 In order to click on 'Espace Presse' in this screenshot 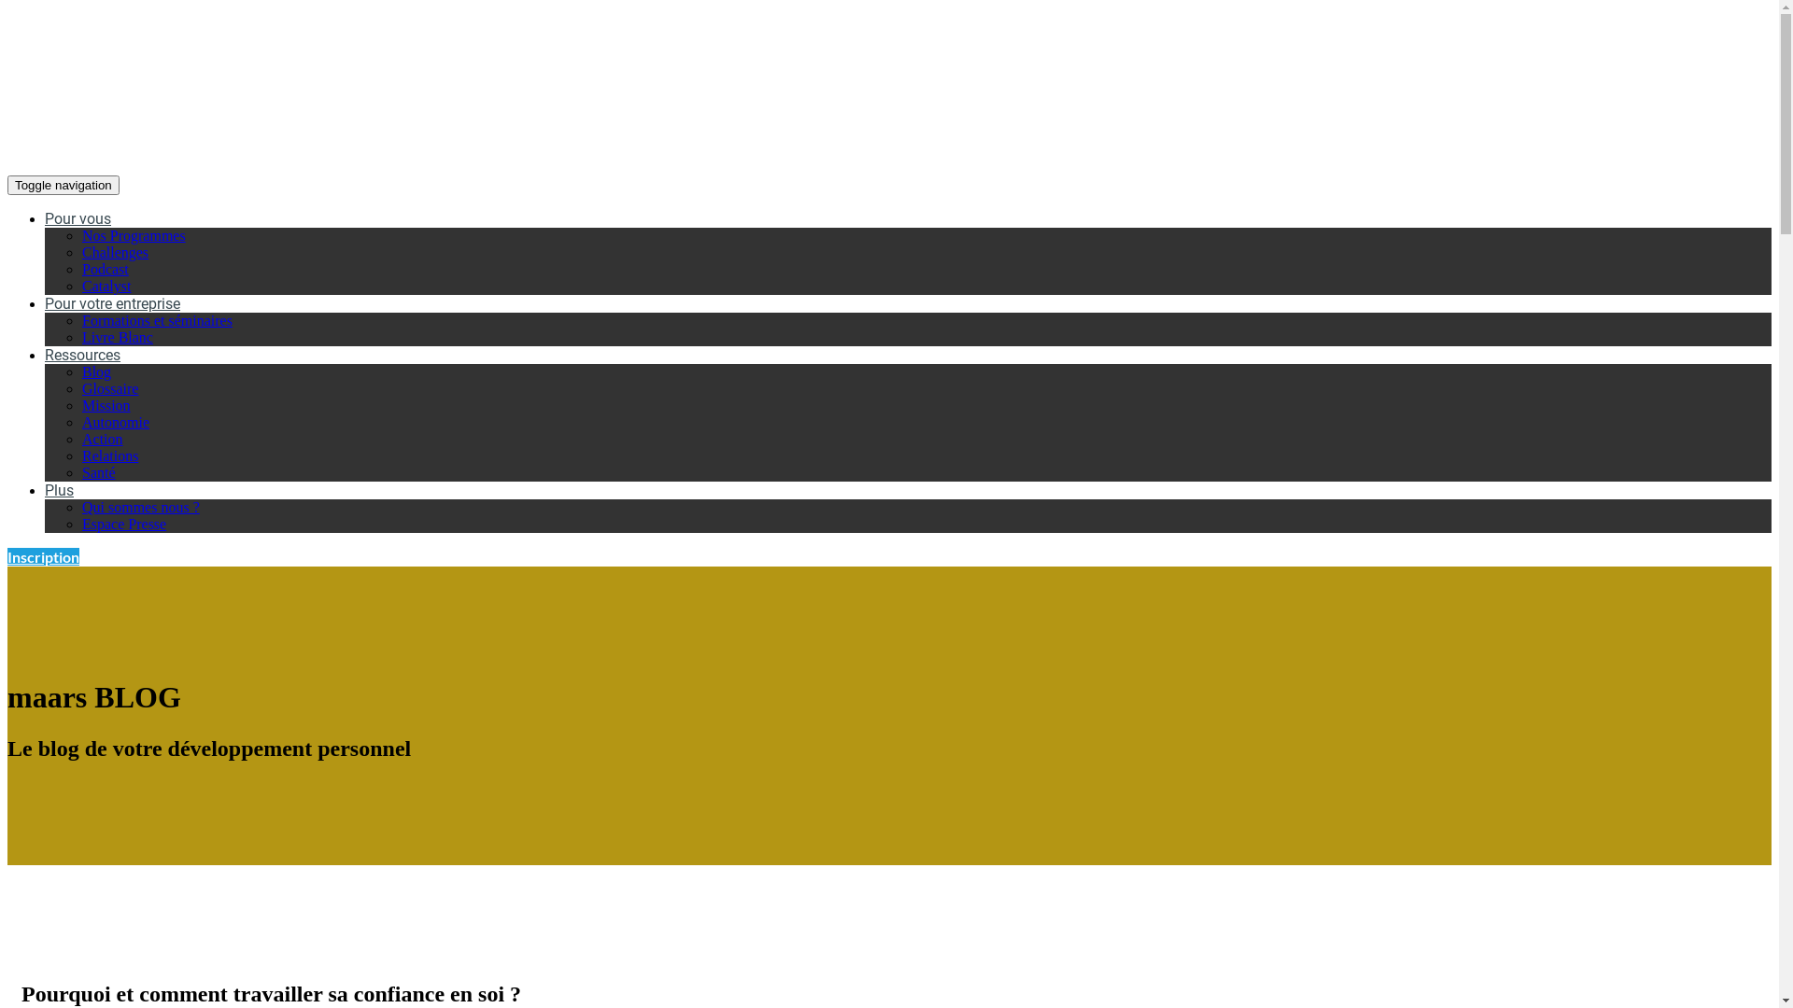, I will do `click(80, 524)`.